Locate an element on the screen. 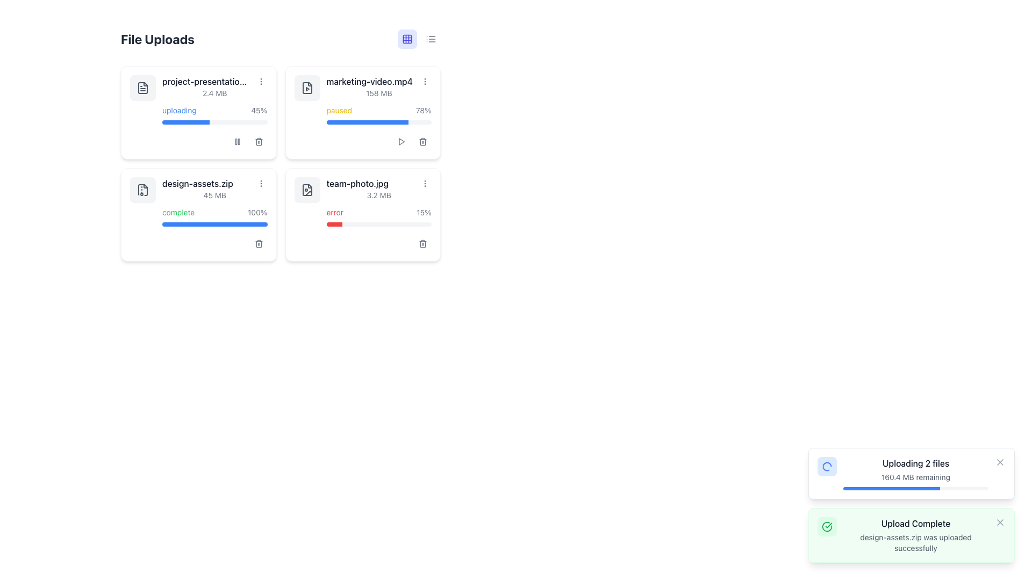 This screenshot has width=1032, height=580. file name displayed in the text label that shows 'marketing-video.mp4' located in the second card of the grid display is located at coordinates (379, 81).